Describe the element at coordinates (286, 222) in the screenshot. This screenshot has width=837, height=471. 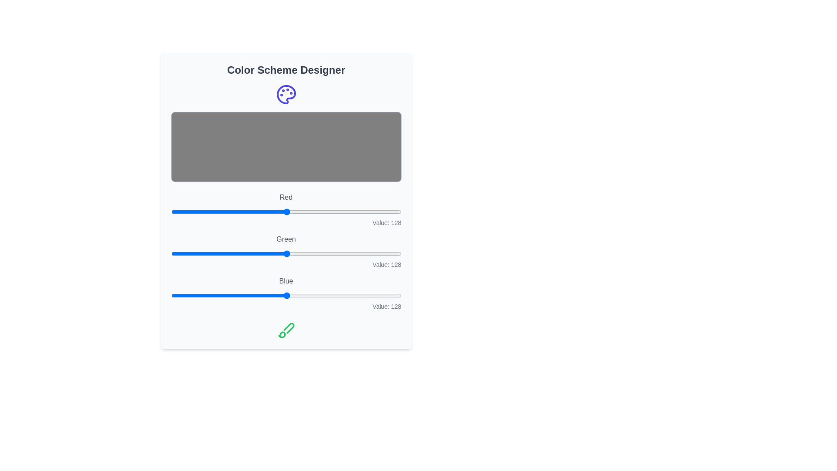
I see `the Text Display element that shows 'Value: 128', located in the lower-right corner below the 'Red' slider` at that location.